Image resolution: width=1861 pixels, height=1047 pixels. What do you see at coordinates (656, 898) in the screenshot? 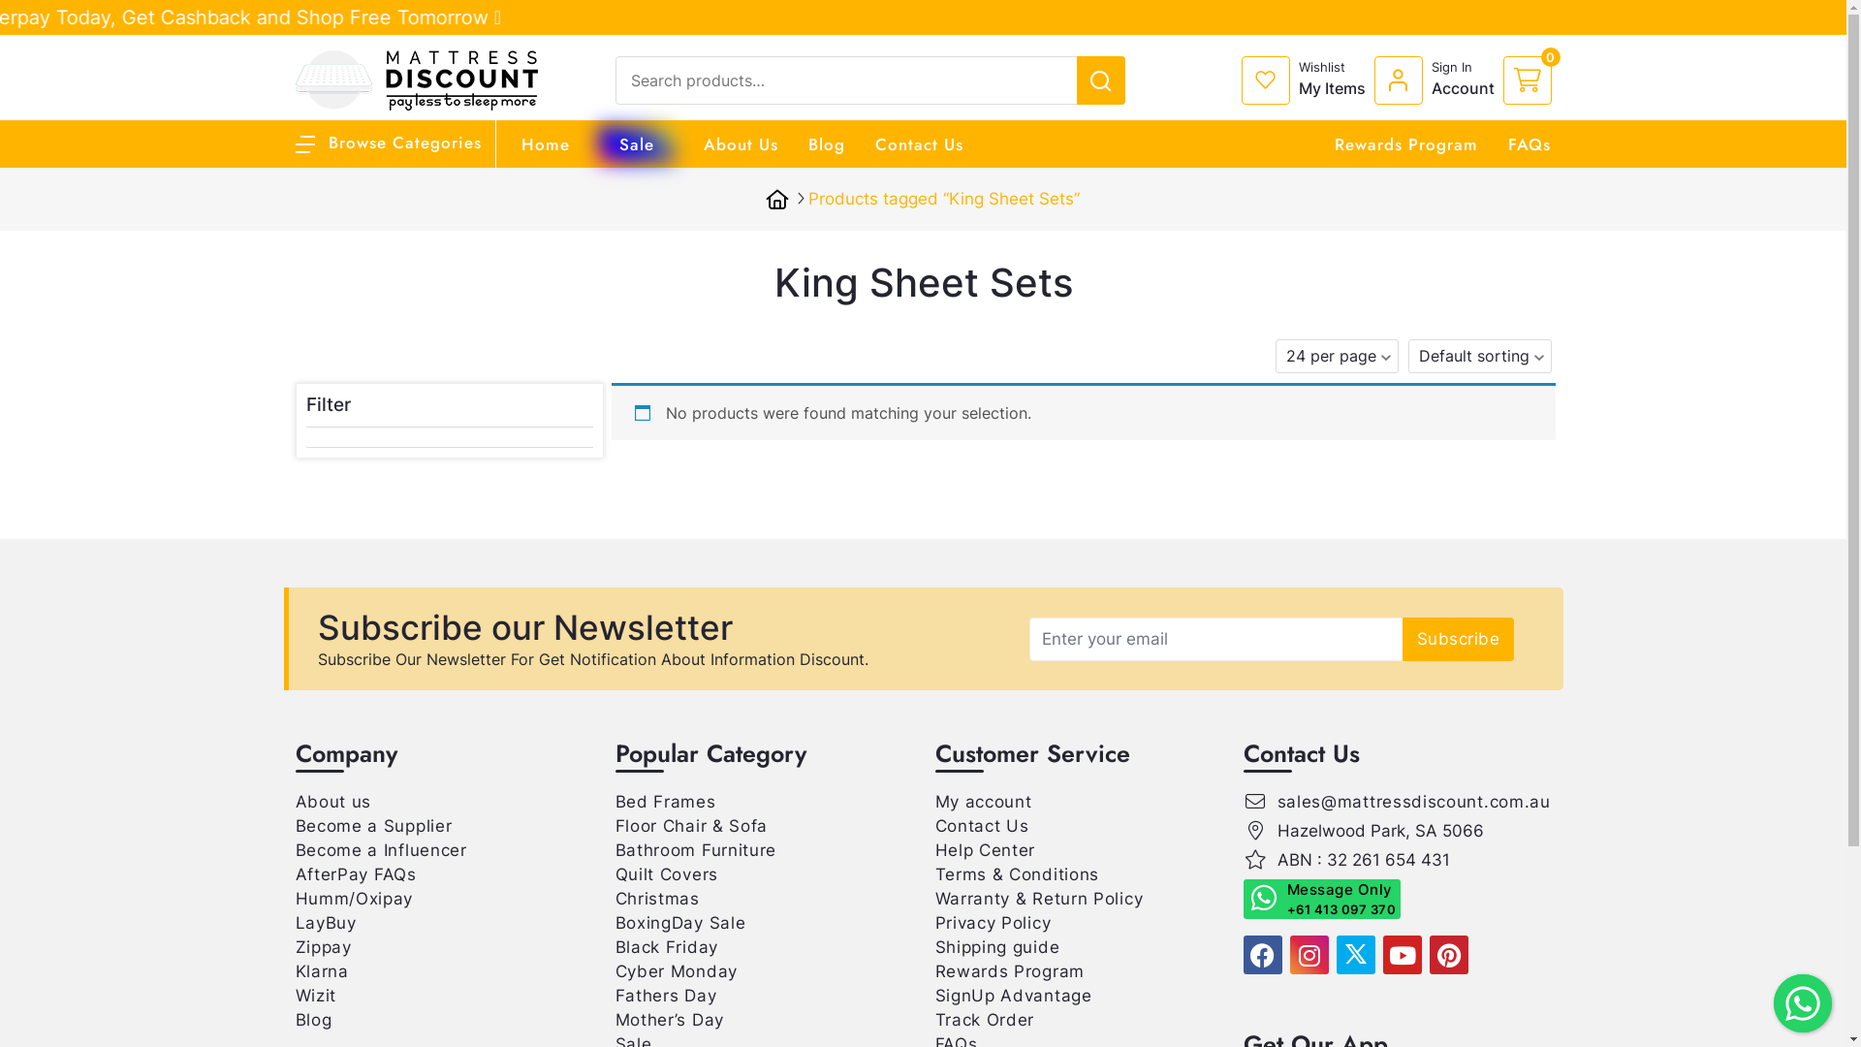
I see `'Christmas'` at bounding box center [656, 898].